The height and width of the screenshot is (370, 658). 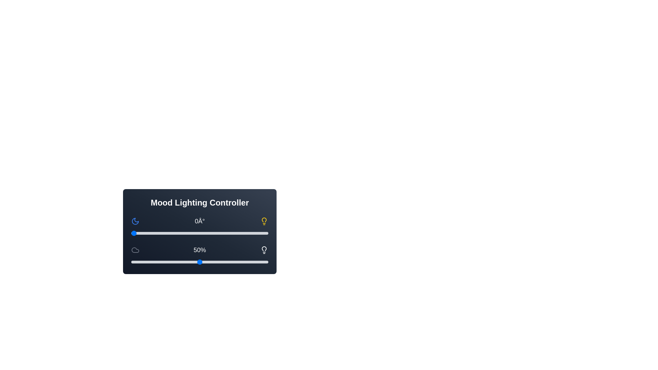 What do you see at coordinates (132, 233) in the screenshot?
I see `the hue slider to 3 degrees` at bounding box center [132, 233].